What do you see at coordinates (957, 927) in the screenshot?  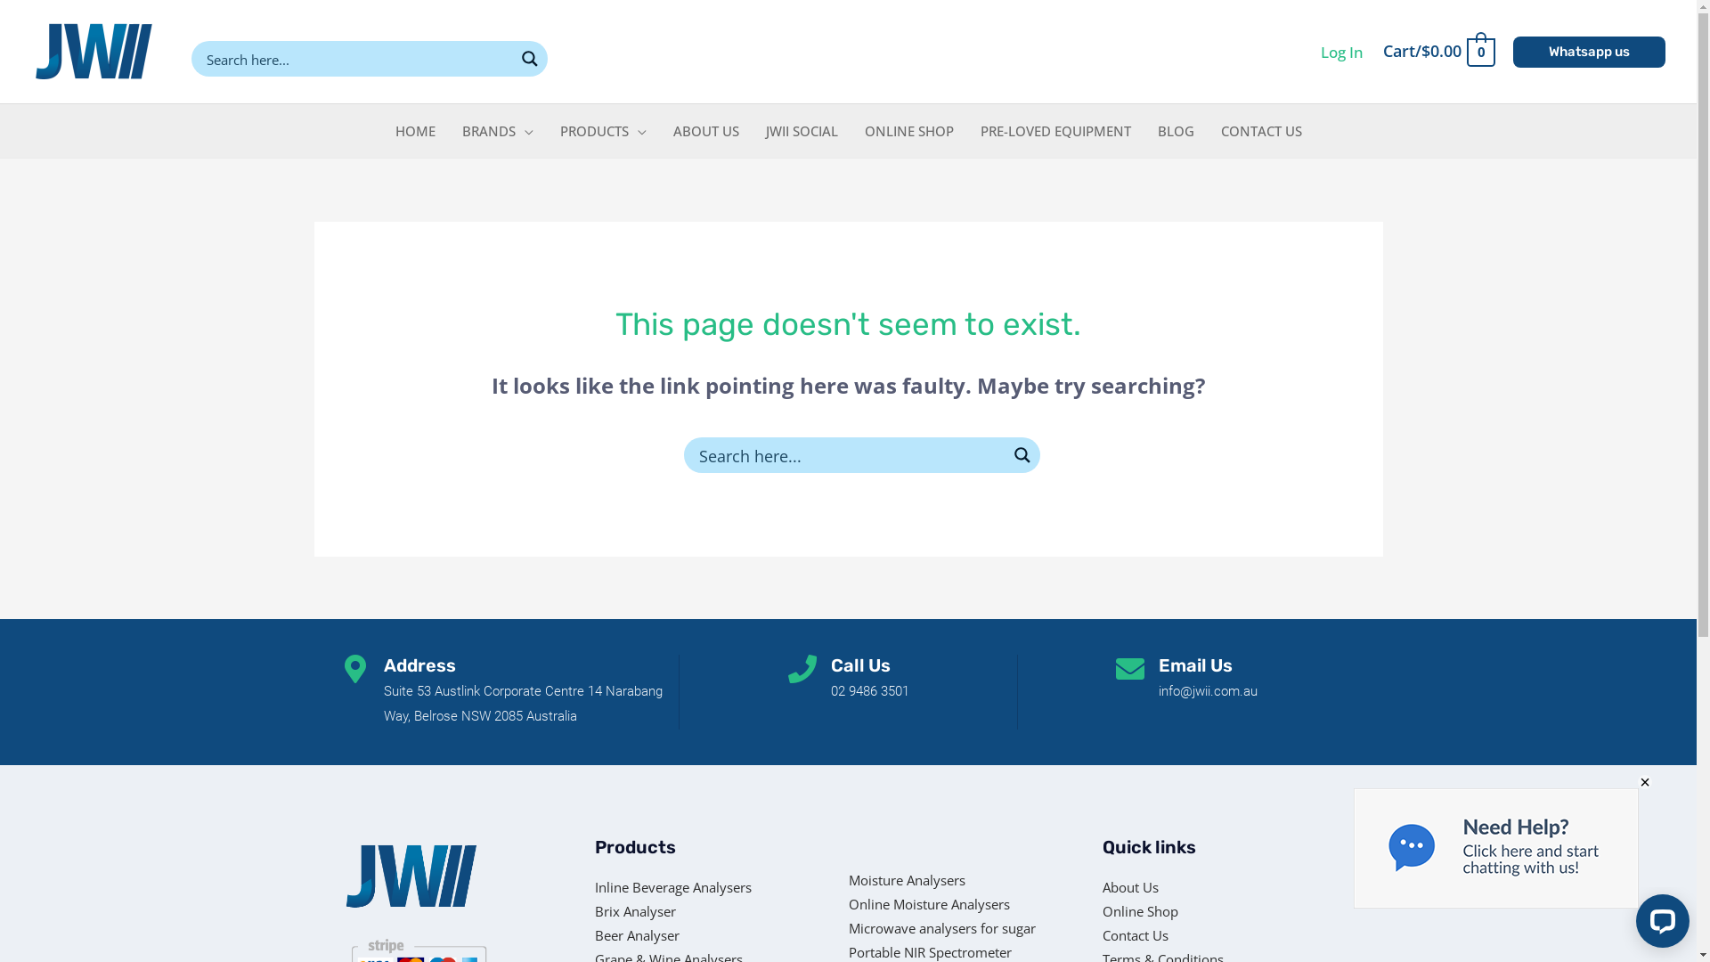 I see `'Microwave analysers for sugar'` at bounding box center [957, 927].